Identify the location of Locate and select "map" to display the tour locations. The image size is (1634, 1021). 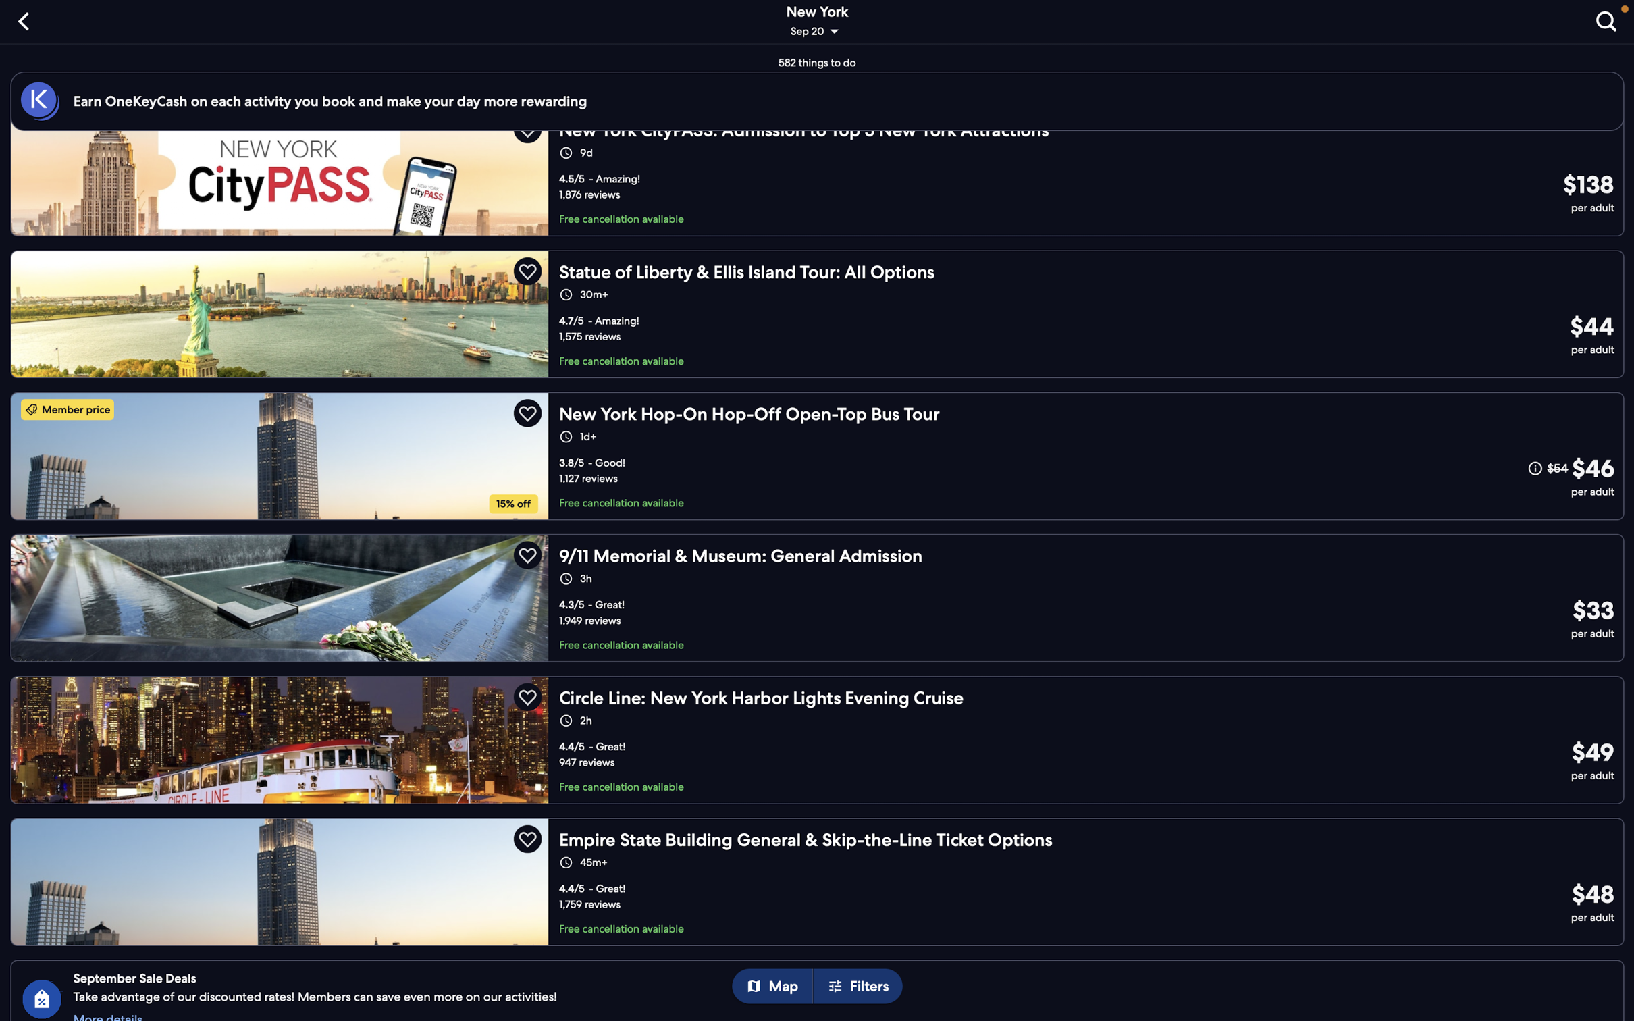
(777, 987).